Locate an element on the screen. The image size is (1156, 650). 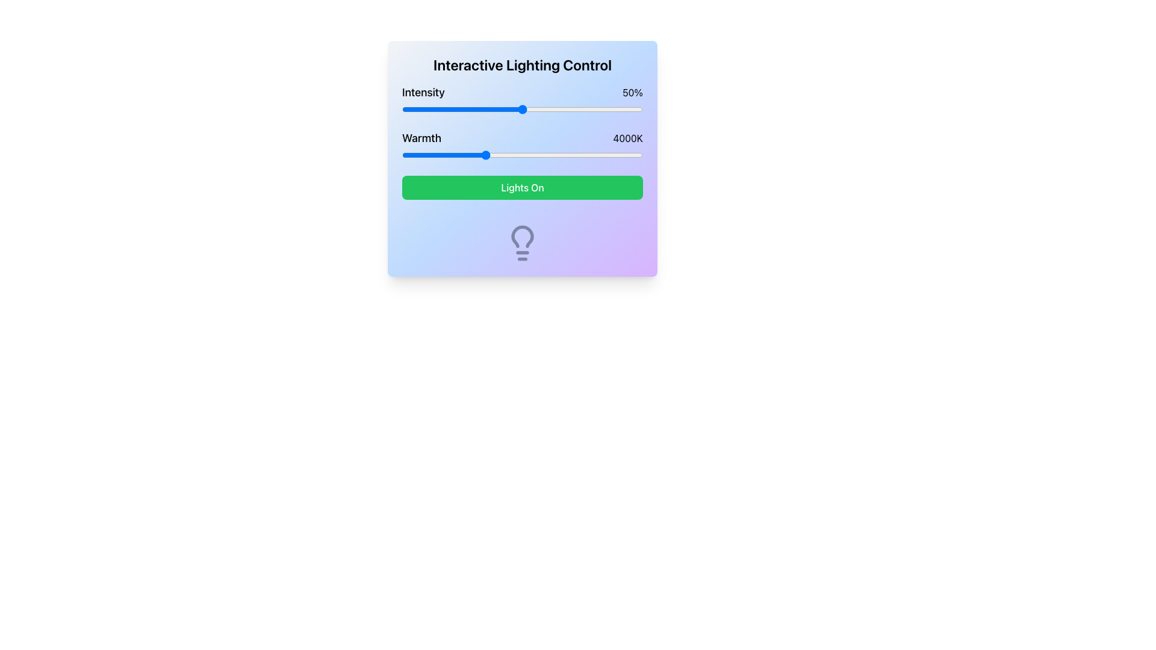
warmth is located at coordinates (591, 155).